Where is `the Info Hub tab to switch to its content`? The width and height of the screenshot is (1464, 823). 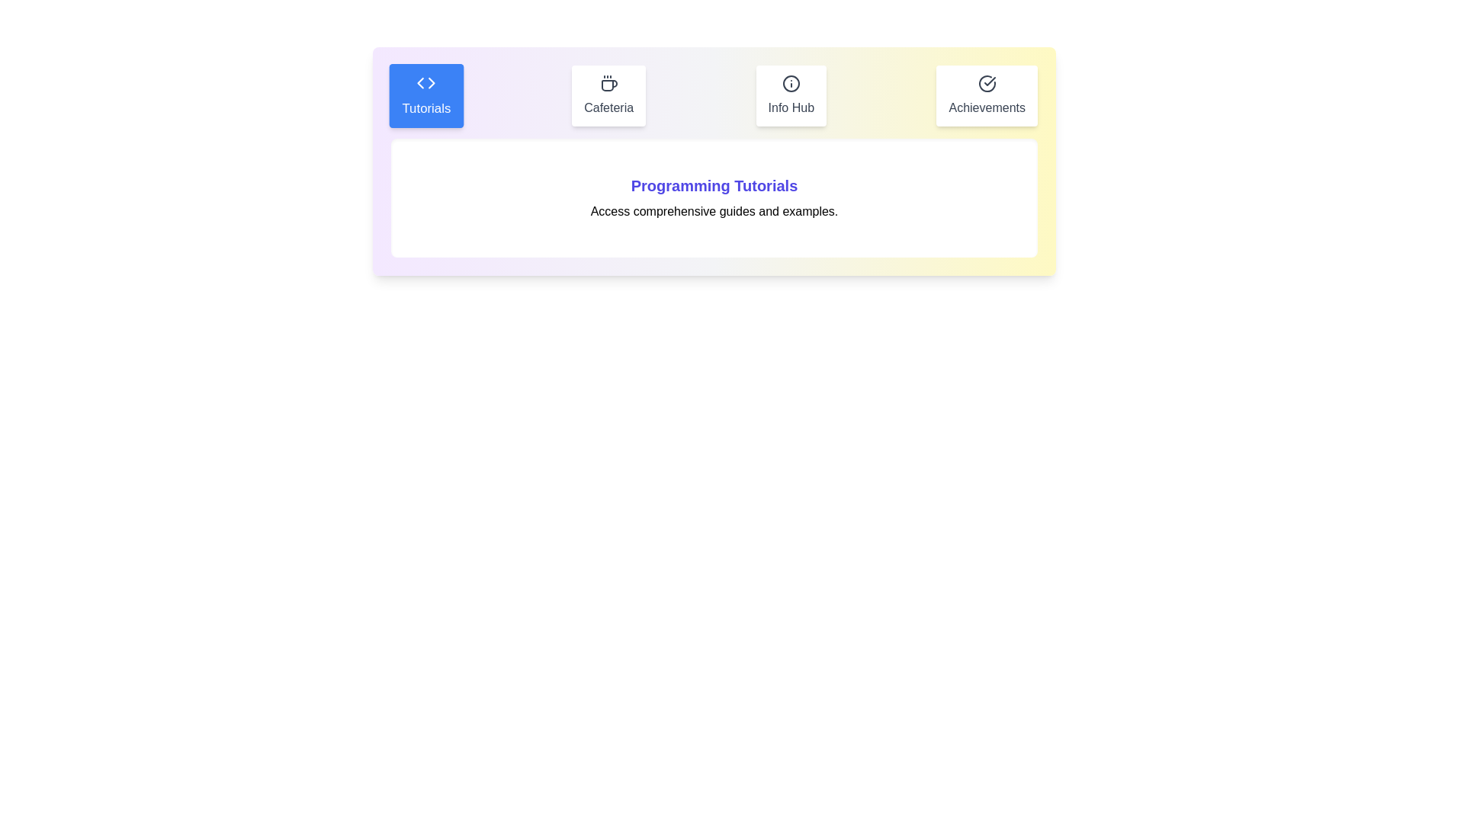 the Info Hub tab to switch to its content is located at coordinates (790, 96).